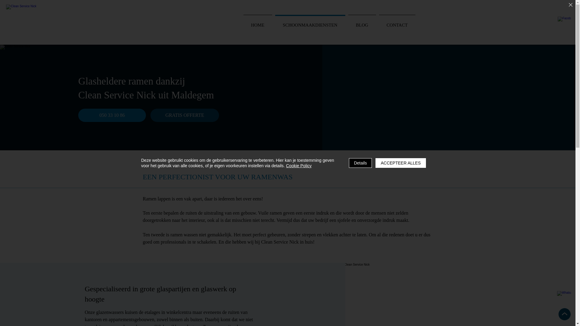 The image size is (580, 326). I want to click on 'HOME', so click(257, 22).